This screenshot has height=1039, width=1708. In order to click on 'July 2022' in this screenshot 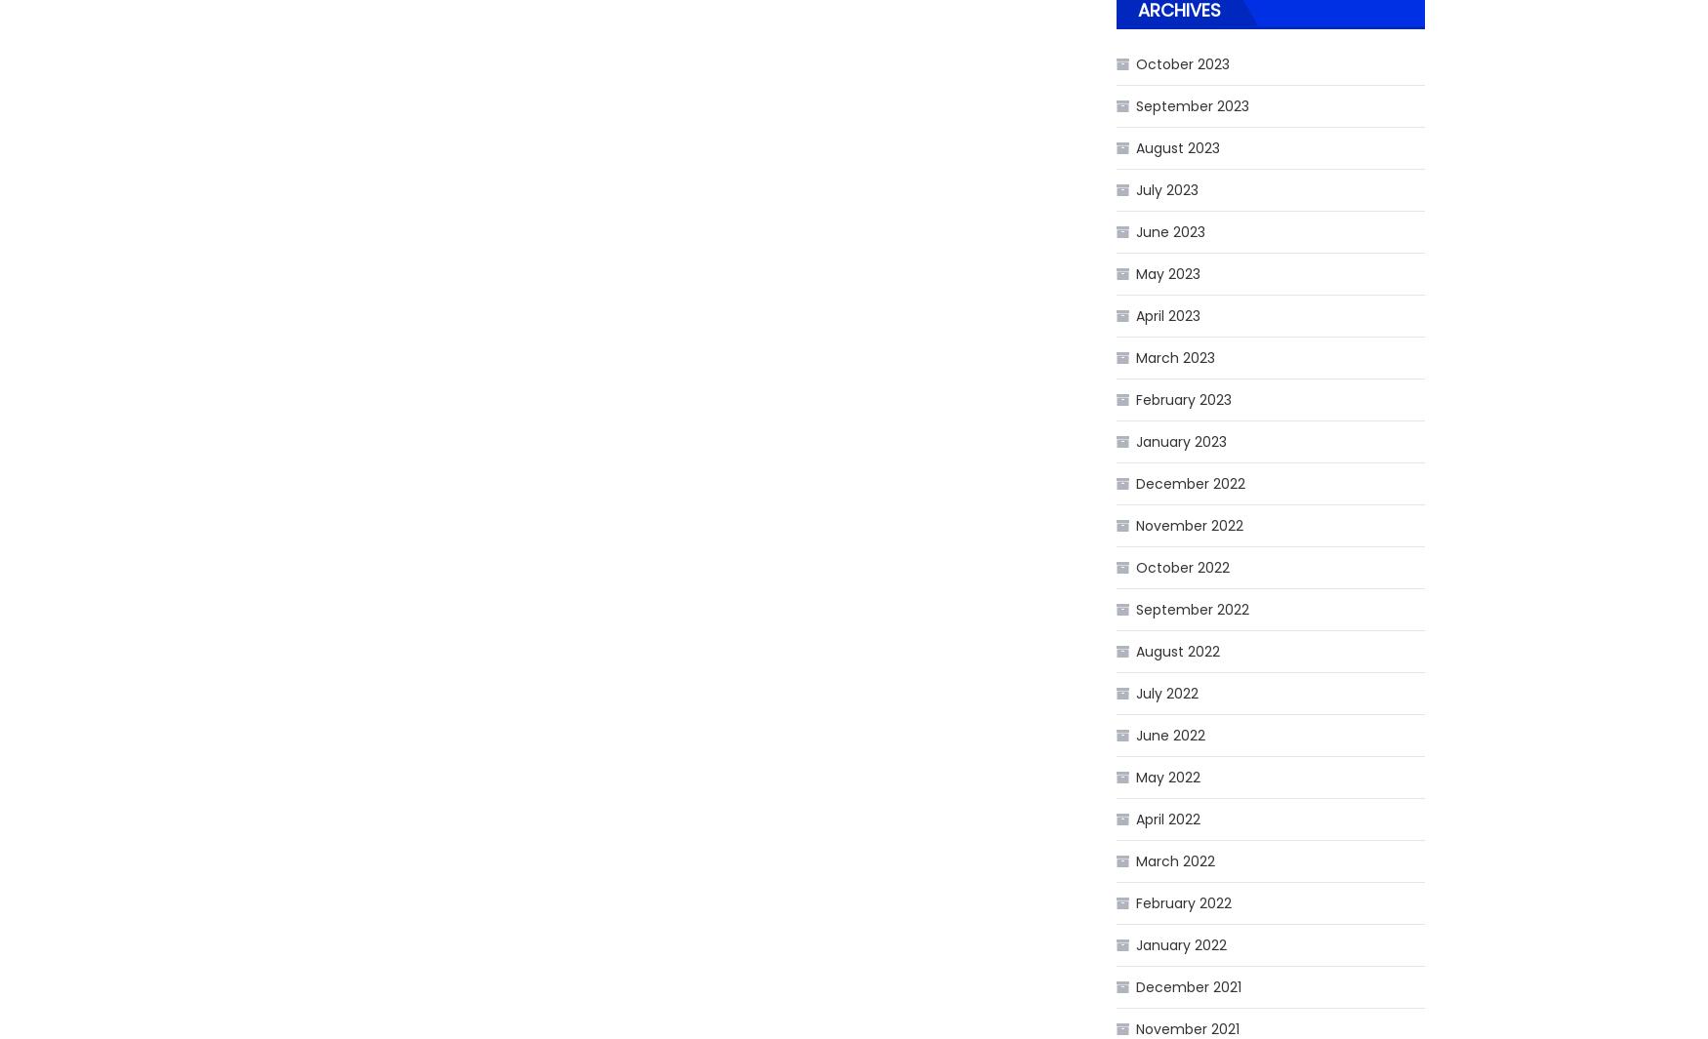, I will do `click(1134, 693)`.